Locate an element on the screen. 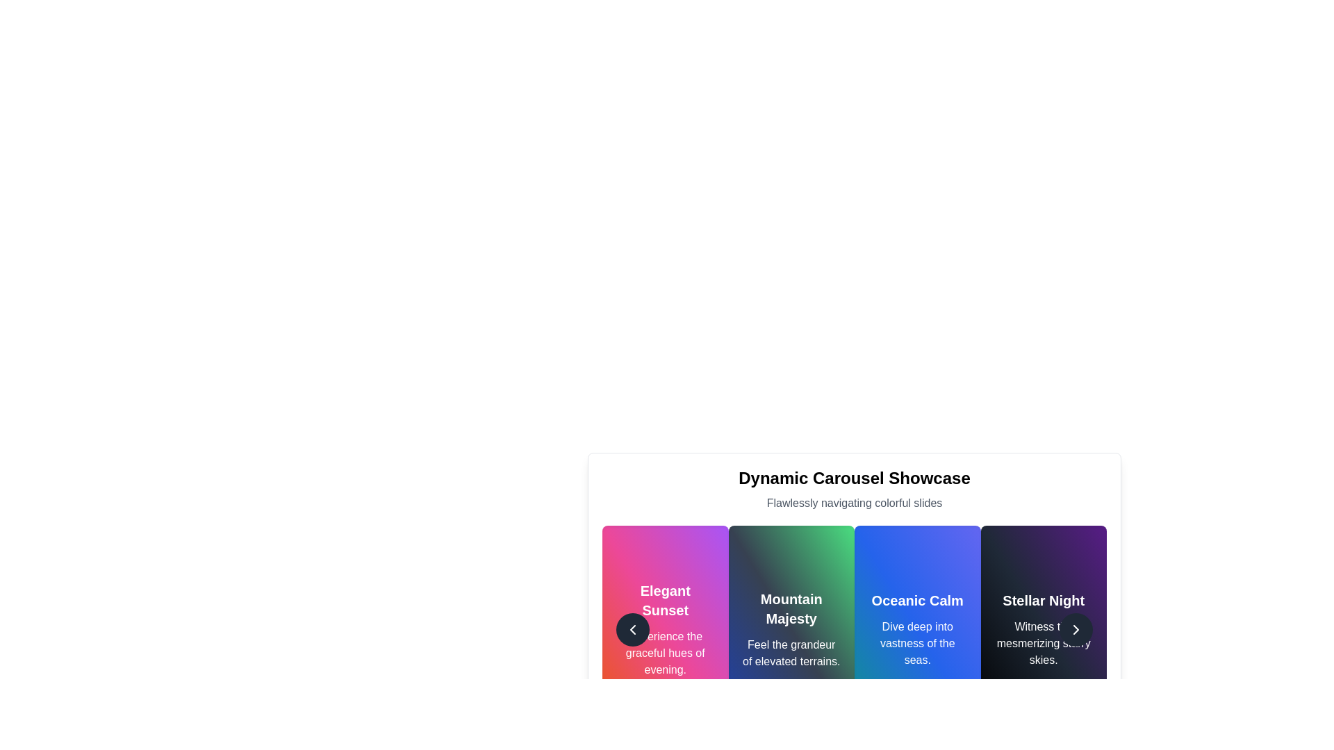 The height and width of the screenshot is (750, 1334). the text label displaying 'Elegant Sunset' in bold, large-sized font, which is styled in white against a vibrant gradient background is located at coordinates (664, 599).